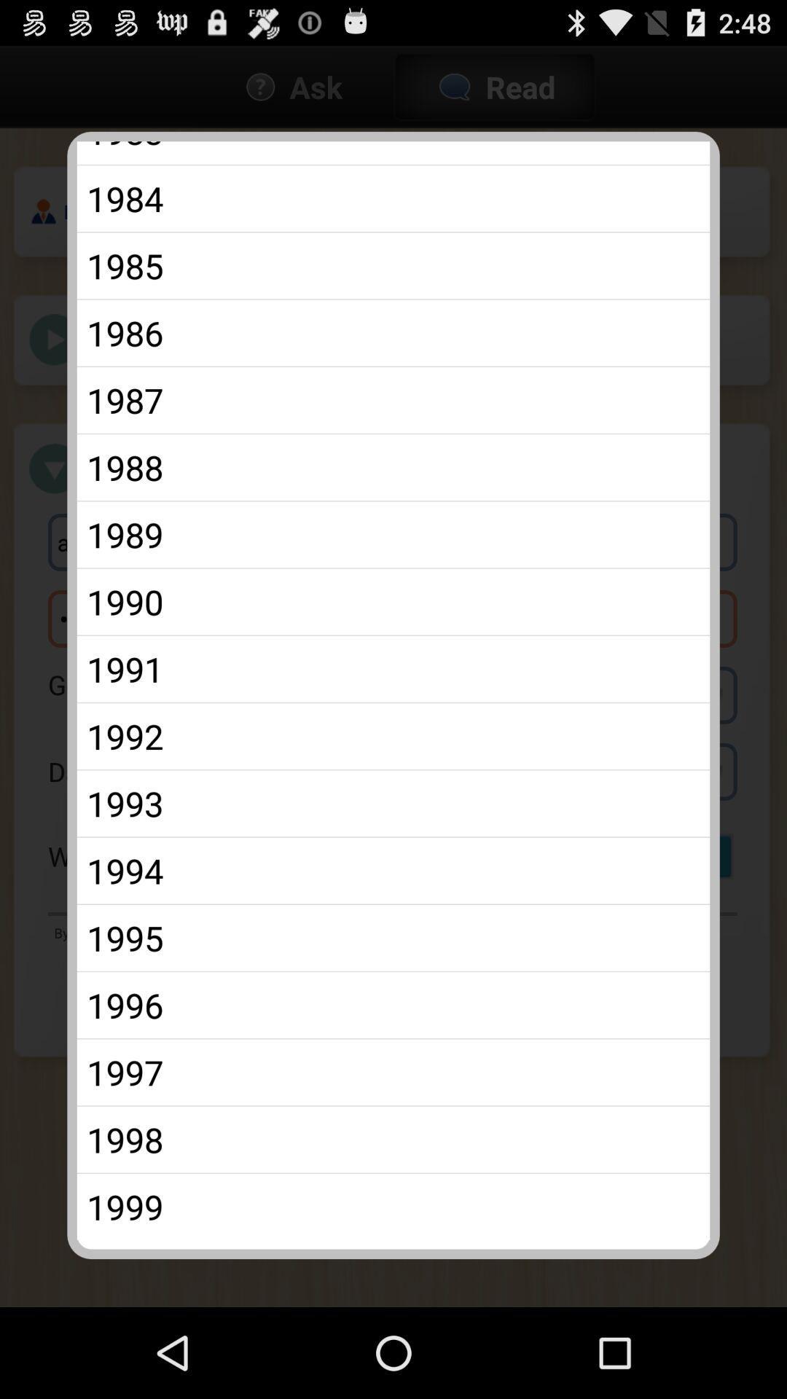  I want to click on the 1984 app, so click(393, 197).